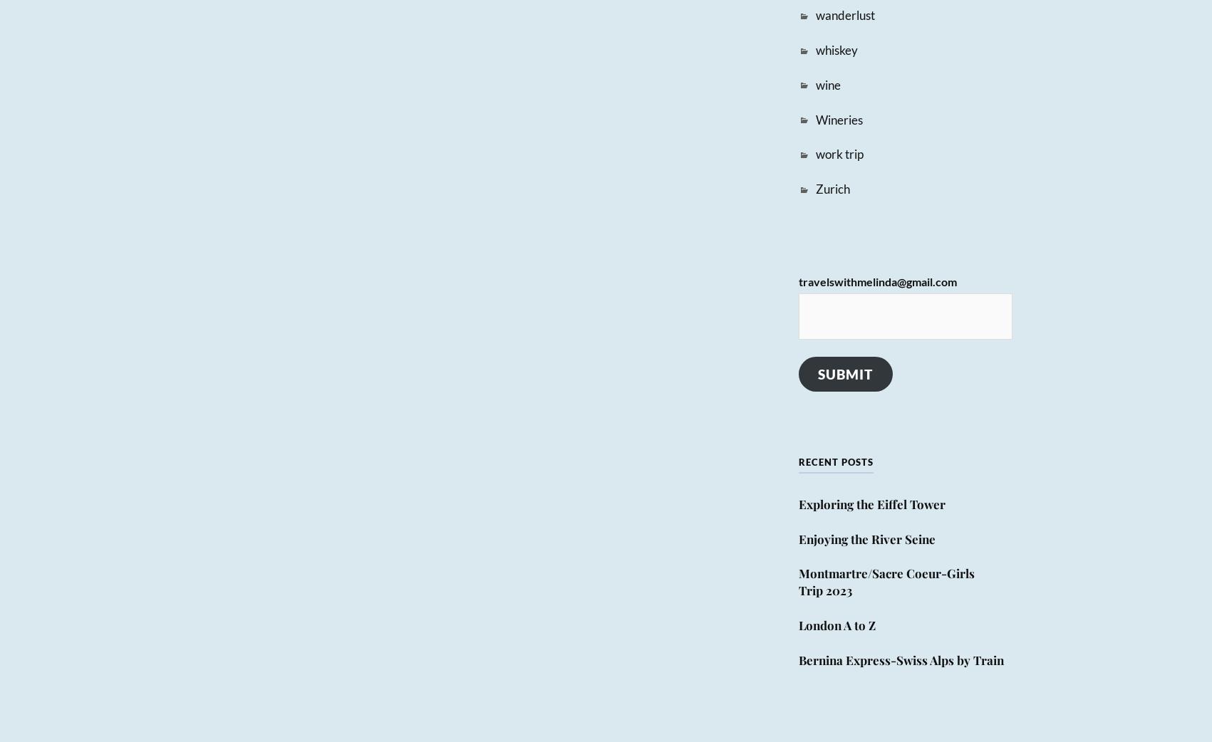  What do you see at coordinates (835, 48) in the screenshot?
I see `'whiskey'` at bounding box center [835, 48].